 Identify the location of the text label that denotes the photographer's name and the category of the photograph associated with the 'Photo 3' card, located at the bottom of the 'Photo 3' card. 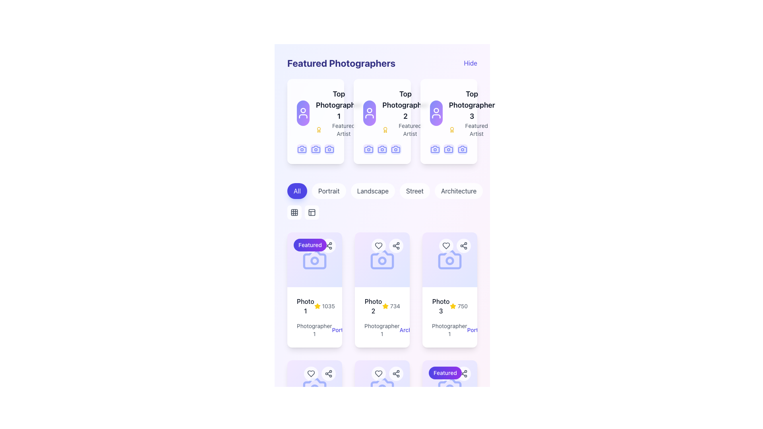
(450, 330).